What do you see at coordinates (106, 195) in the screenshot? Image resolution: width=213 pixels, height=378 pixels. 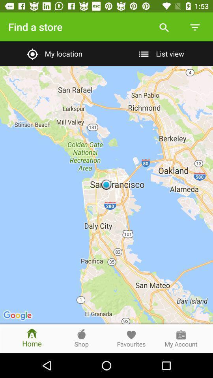 I see `item below my location item` at bounding box center [106, 195].